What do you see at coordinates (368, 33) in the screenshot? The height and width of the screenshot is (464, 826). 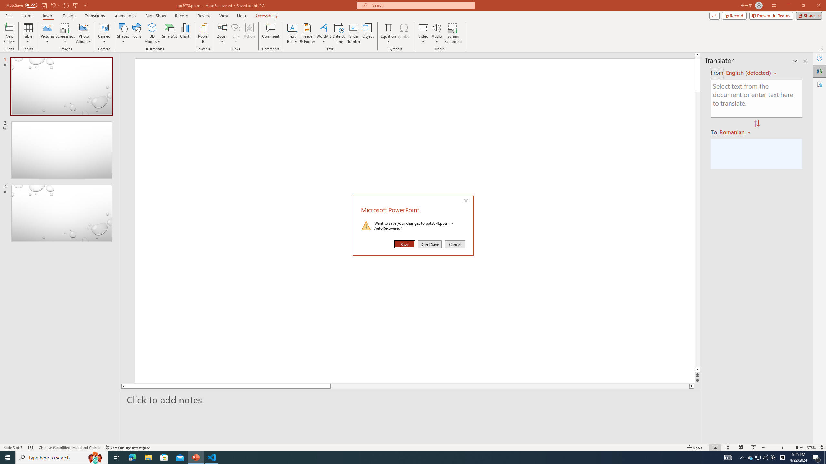 I see `'Equation'` at bounding box center [368, 33].